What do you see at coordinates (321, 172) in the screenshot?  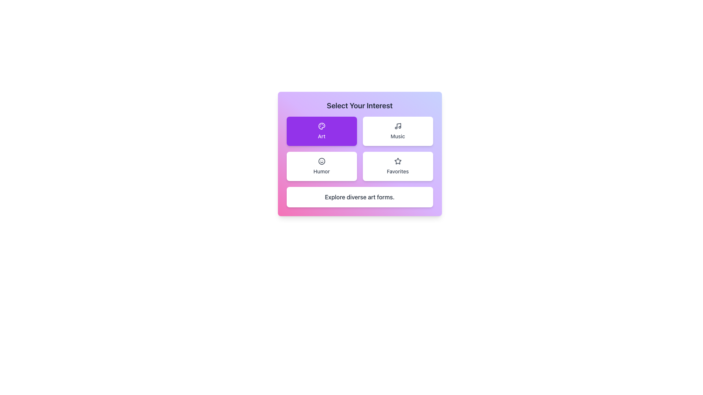 I see `the text label 'Humor' which is the label for the third button in the grid located in the left column of the second row` at bounding box center [321, 172].